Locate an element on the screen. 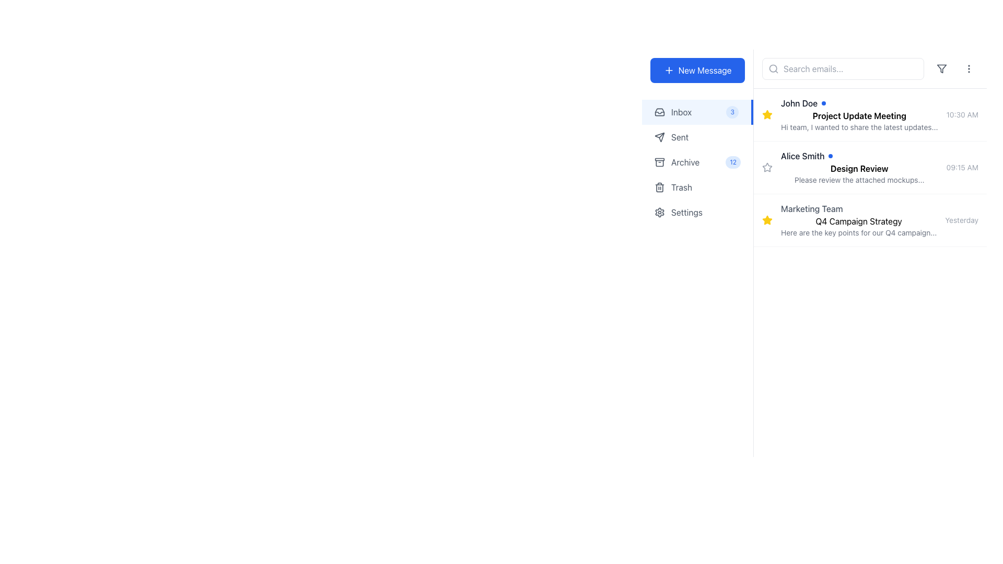  the interactive email summary entry located in the second slot of the vertical email list is located at coordinates (870, 167).